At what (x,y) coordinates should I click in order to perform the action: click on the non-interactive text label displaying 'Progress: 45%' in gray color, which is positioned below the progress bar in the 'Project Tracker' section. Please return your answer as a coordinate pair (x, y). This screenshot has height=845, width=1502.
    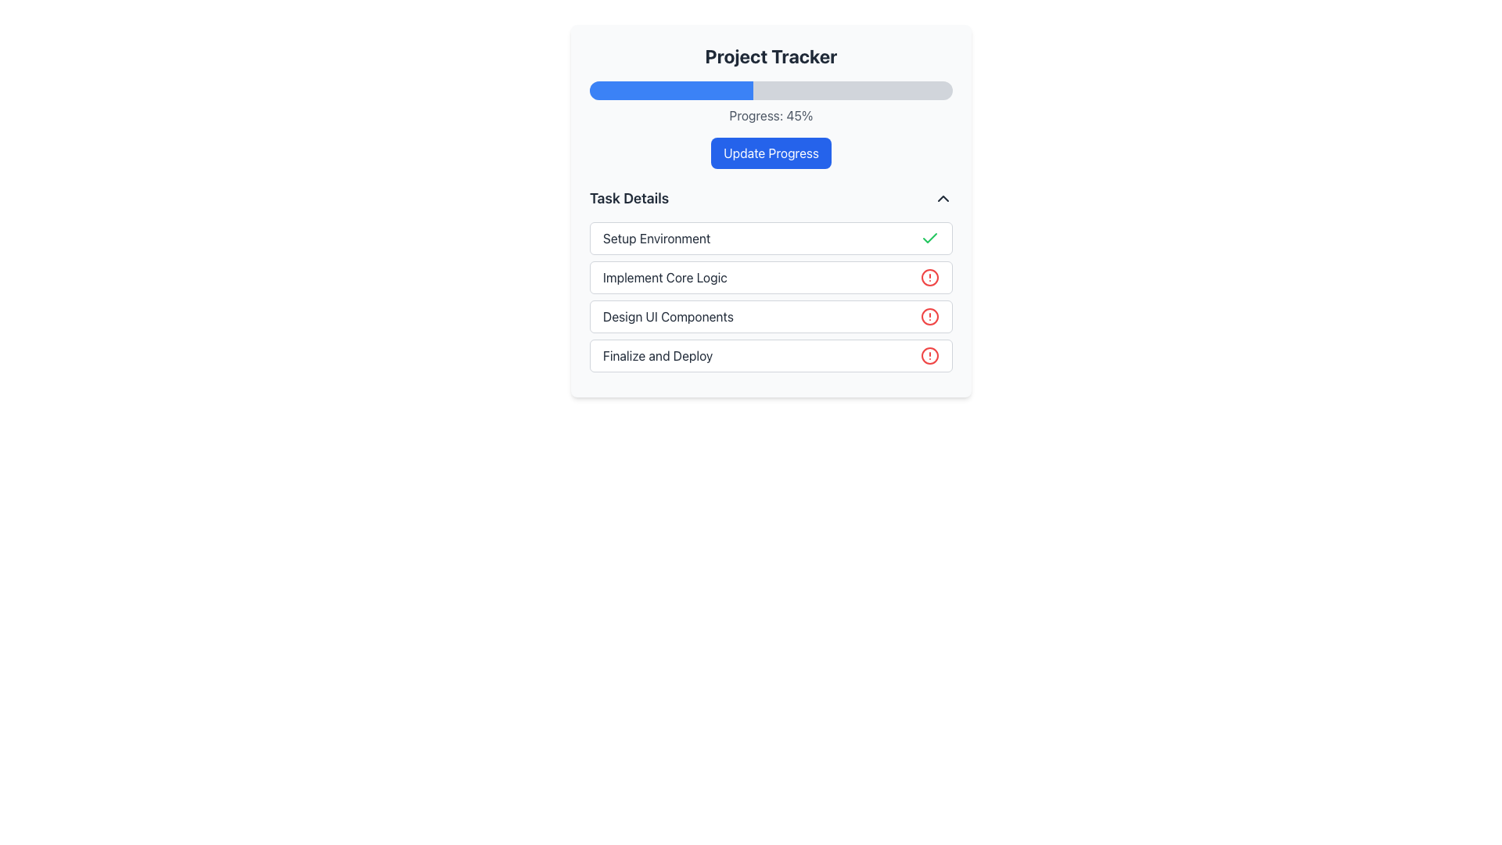
    Looking at the image, I should click on (771, 114).